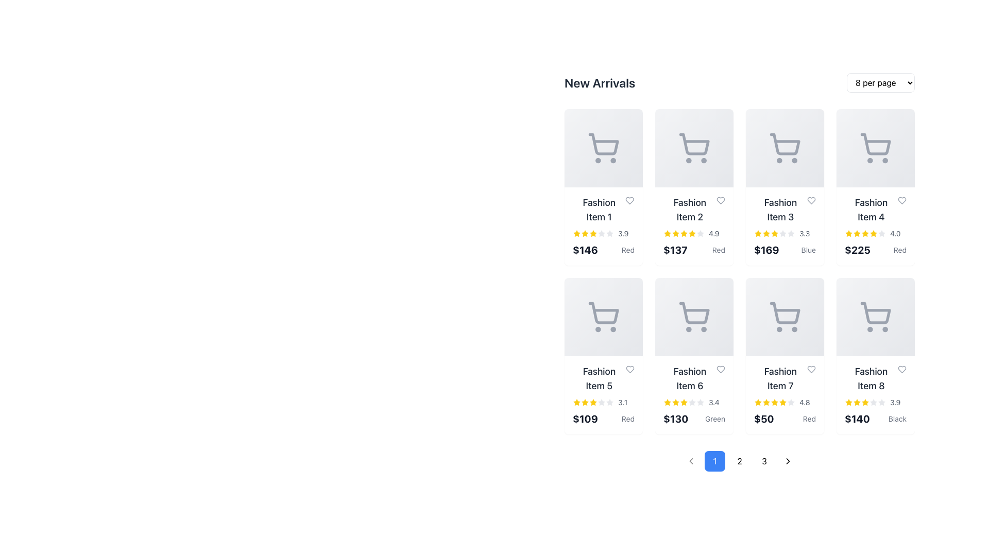 The image size is (989, 556). Describe the element at coordinates (629, 369) in the screenshot. I see `the heart-shaped icon button with a hollow design and a light gray border, located at the top-right corner of the card for 'Fashion Item 5', to favorite the item` at that location.